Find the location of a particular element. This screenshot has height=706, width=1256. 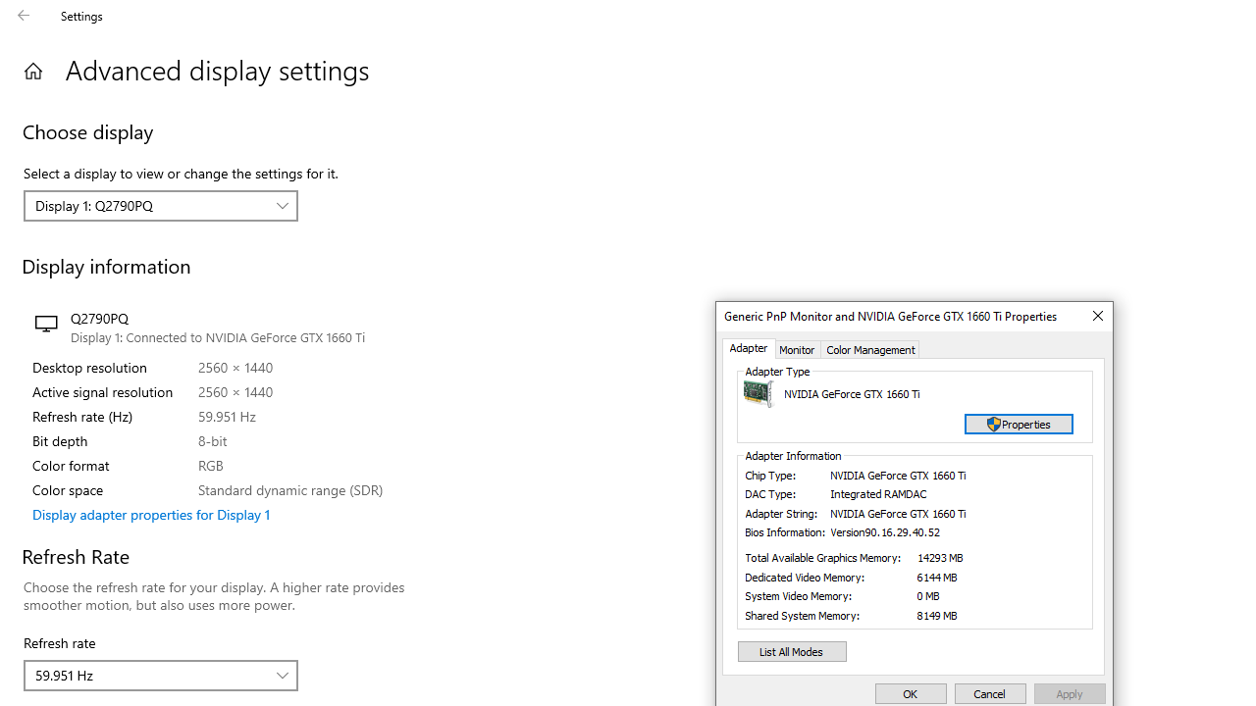

'Cancel' is located at coordinates (990, 692).